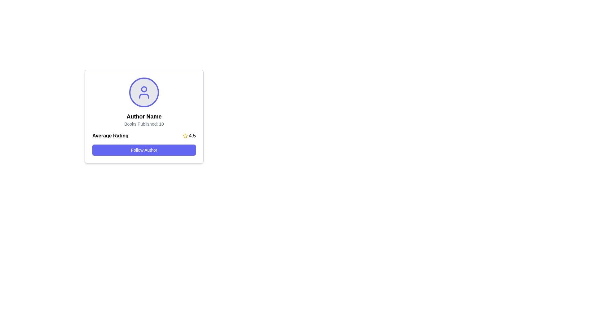 The image size is (595, 335). What do you see at coordinates (144, 116) in the screenshot?
I see `the 'Author Name' label, which is bold and larger in font size, located in the center of the card layout above the 'Books Published: 10' text` at bounding box center [144, 116].